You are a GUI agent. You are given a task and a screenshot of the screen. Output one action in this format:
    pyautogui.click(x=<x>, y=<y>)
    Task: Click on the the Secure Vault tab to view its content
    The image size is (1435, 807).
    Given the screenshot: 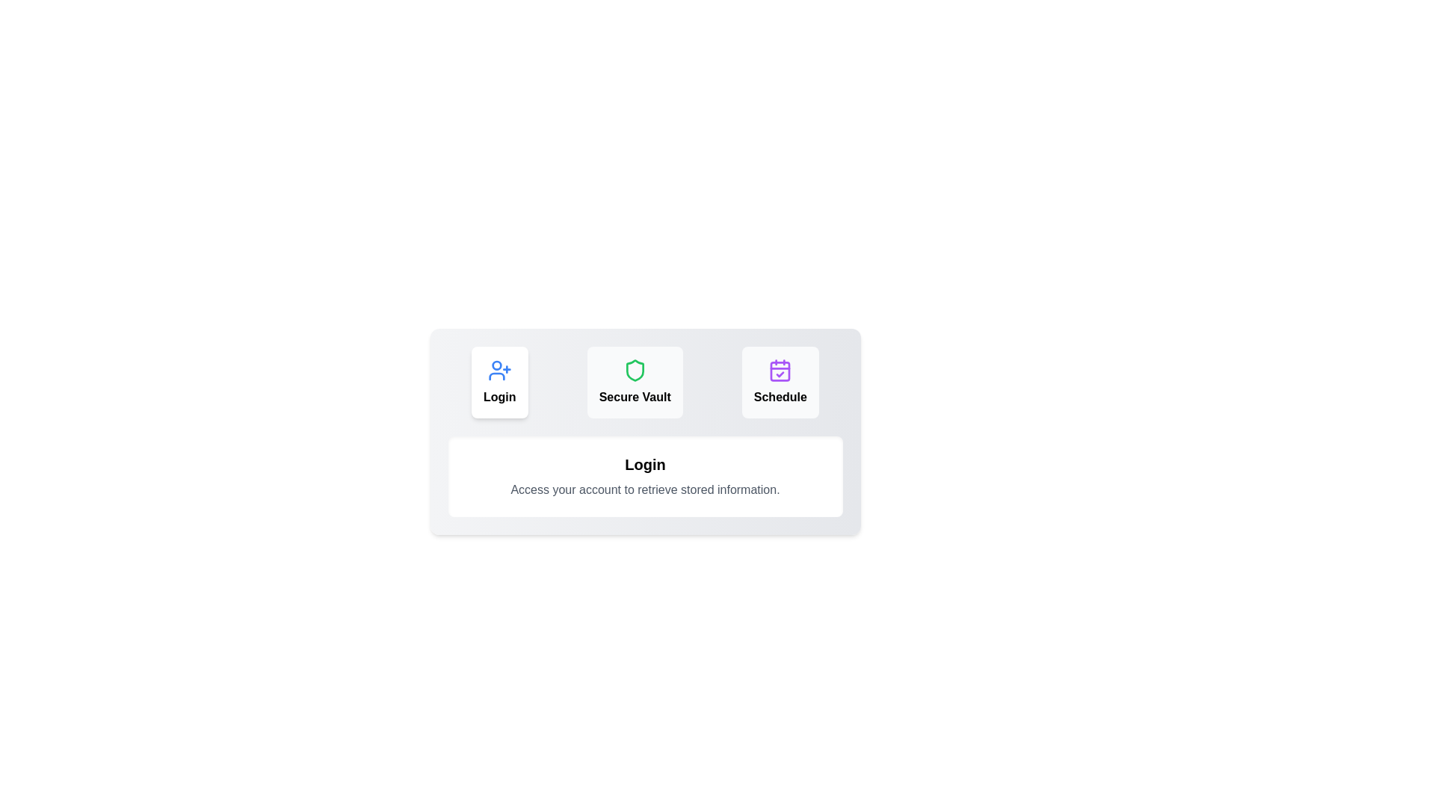 What is the action you would take?
    pyautogui.click(x=635, y=382)
    